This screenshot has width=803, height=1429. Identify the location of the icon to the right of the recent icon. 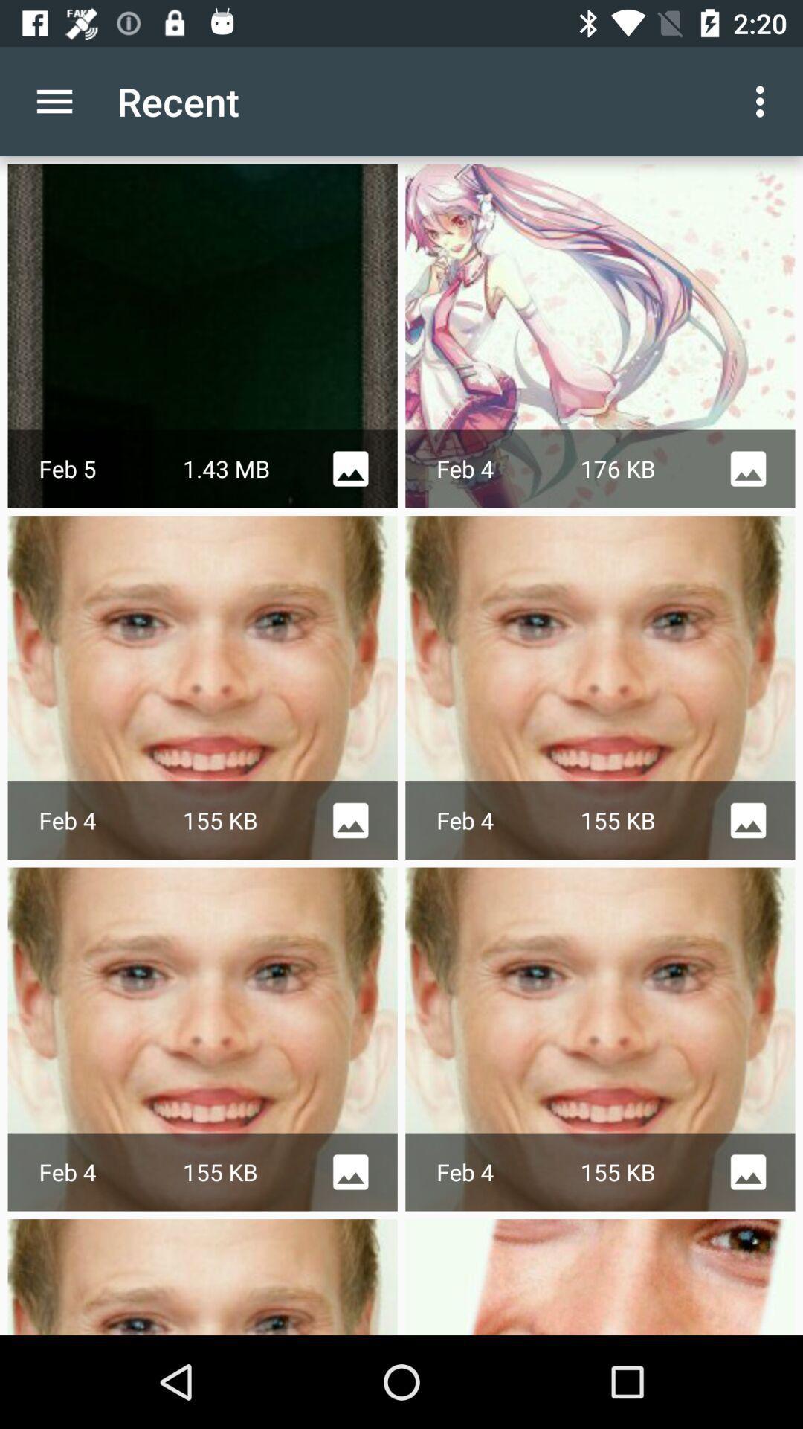
(764, 100).